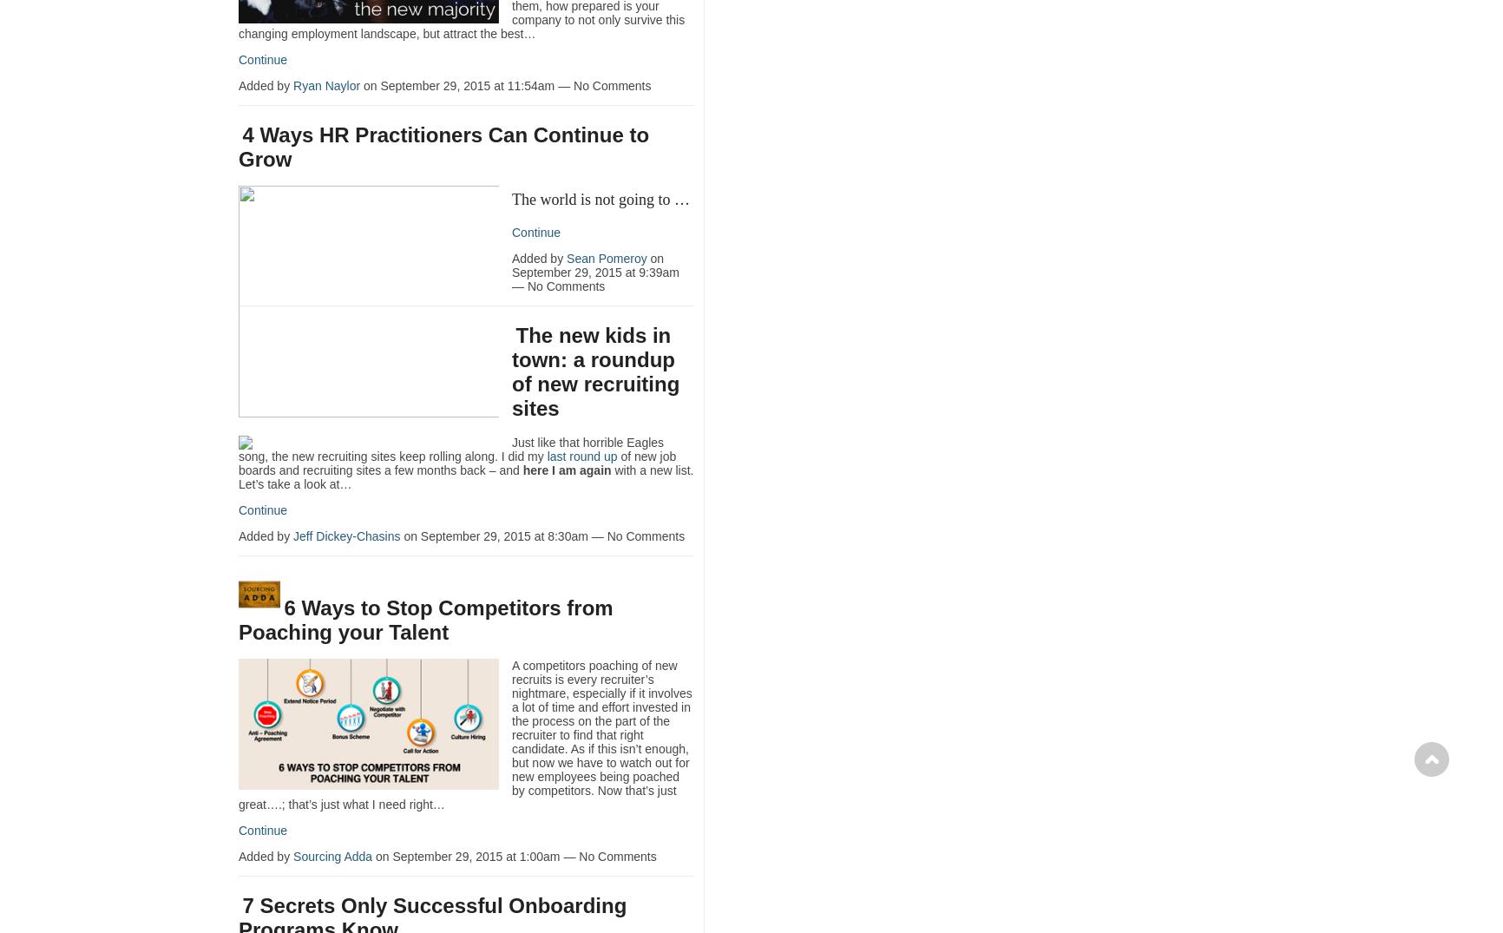 This screenshot has width=1503, height=933. What do you see at coordinates (331, 854) in the screenshot?
I see `'Sourcing Adda'` at bounding box center [331, 854].